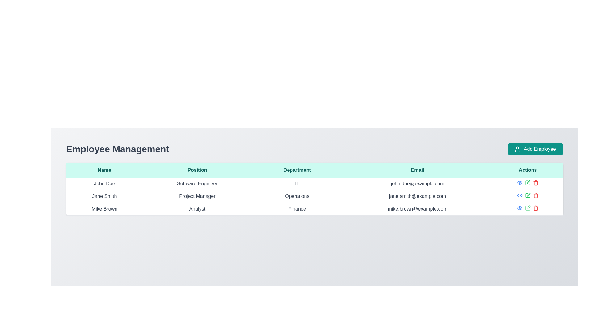 The height and width of the screenshot is (333, 593). Describe the element at coordinates (536, 196) in the screenshot. I see `the red trash icon in the 'Actions' column of the Employee Management table` at that location.